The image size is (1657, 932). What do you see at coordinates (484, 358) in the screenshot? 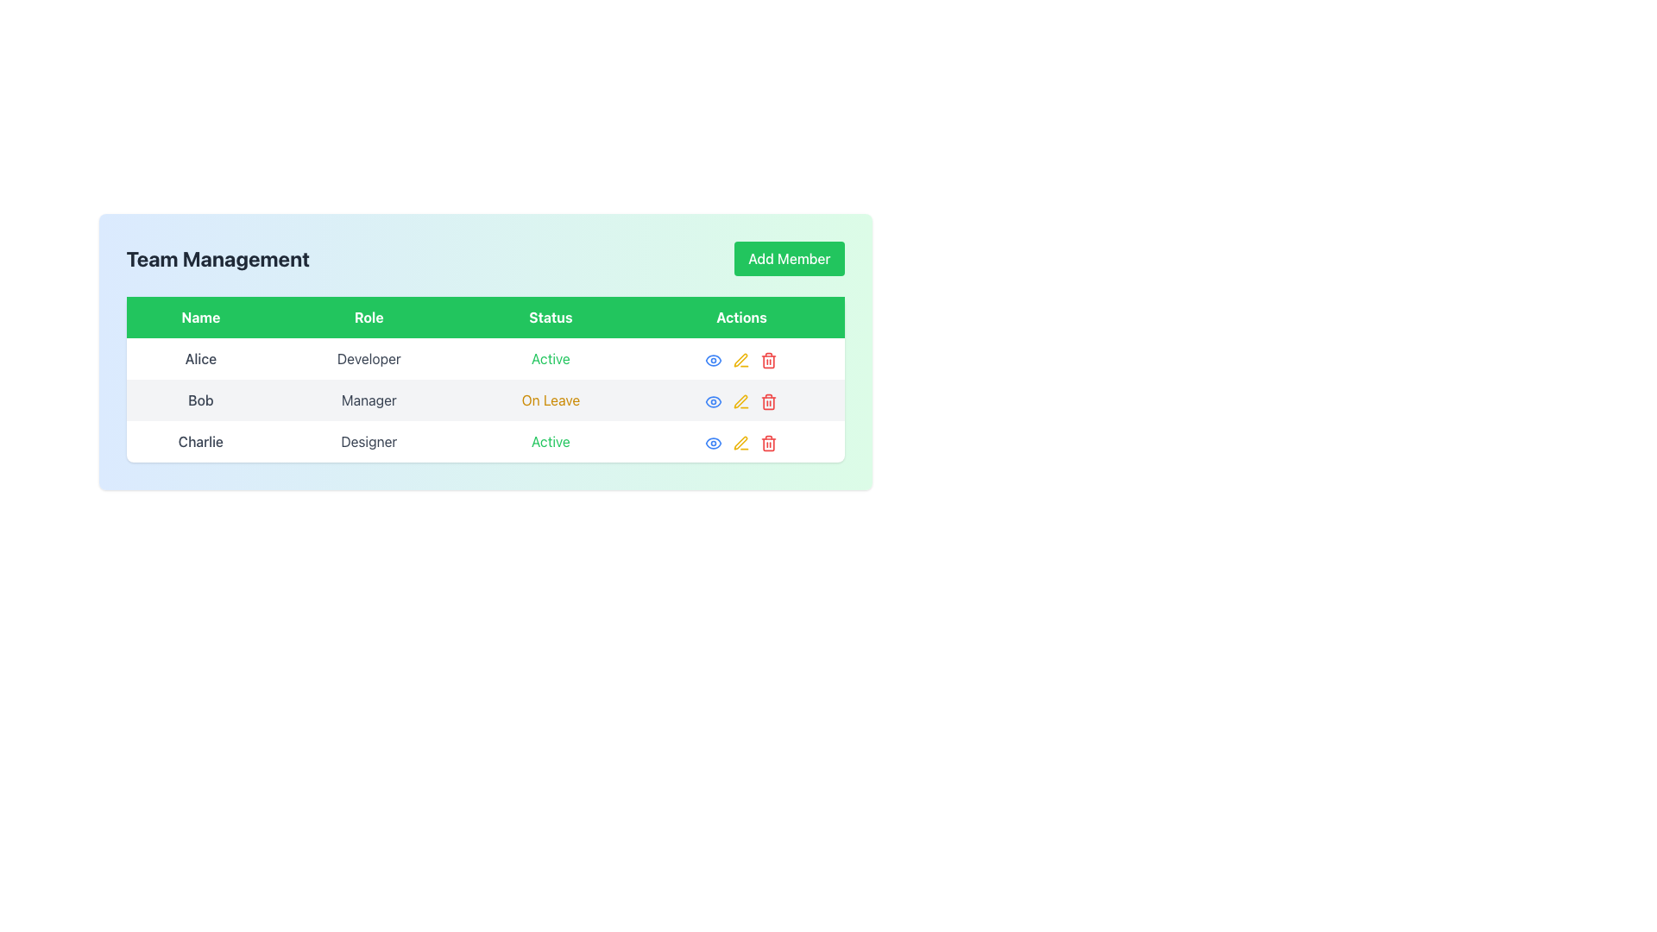
I see `the second row of the data table containing 'Alice' under 'Name', 'Developer' under 'Role', and 'Active' under 'Status'` at bounding box center [484, 358].